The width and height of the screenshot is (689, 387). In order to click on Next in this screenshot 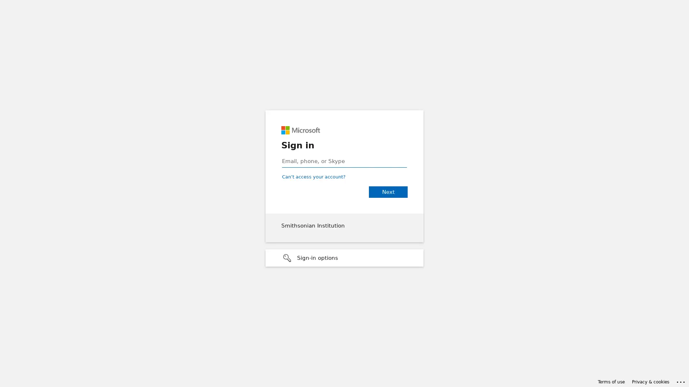, I will do `click(388, 192)`.